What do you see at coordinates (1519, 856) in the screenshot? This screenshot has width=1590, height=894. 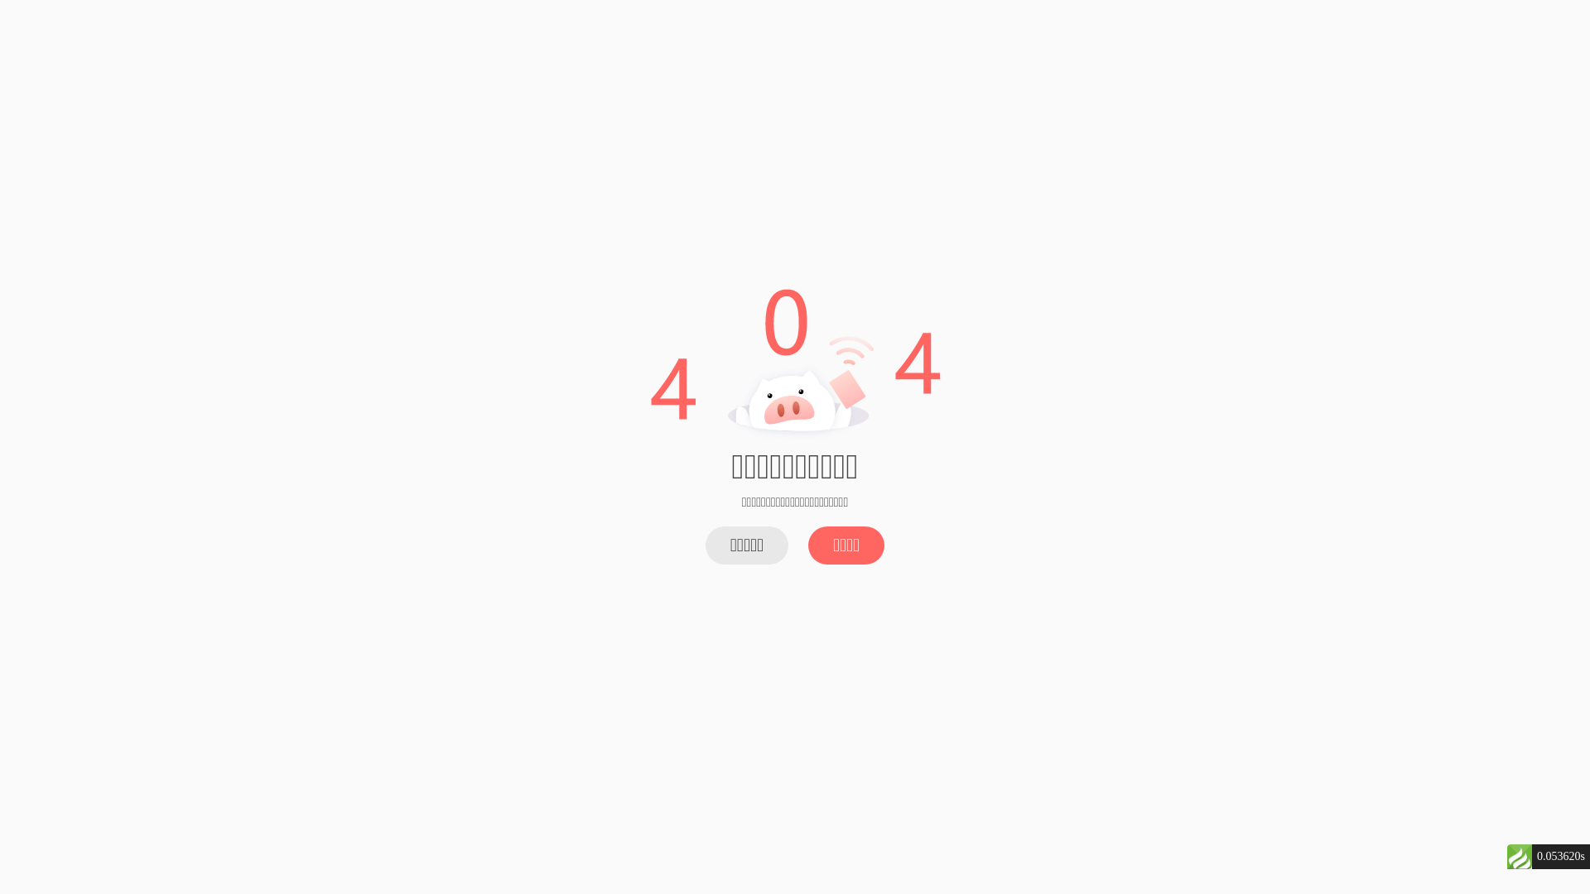 I see `'ShowPageTrace'` at bounding box center [1519, 856].